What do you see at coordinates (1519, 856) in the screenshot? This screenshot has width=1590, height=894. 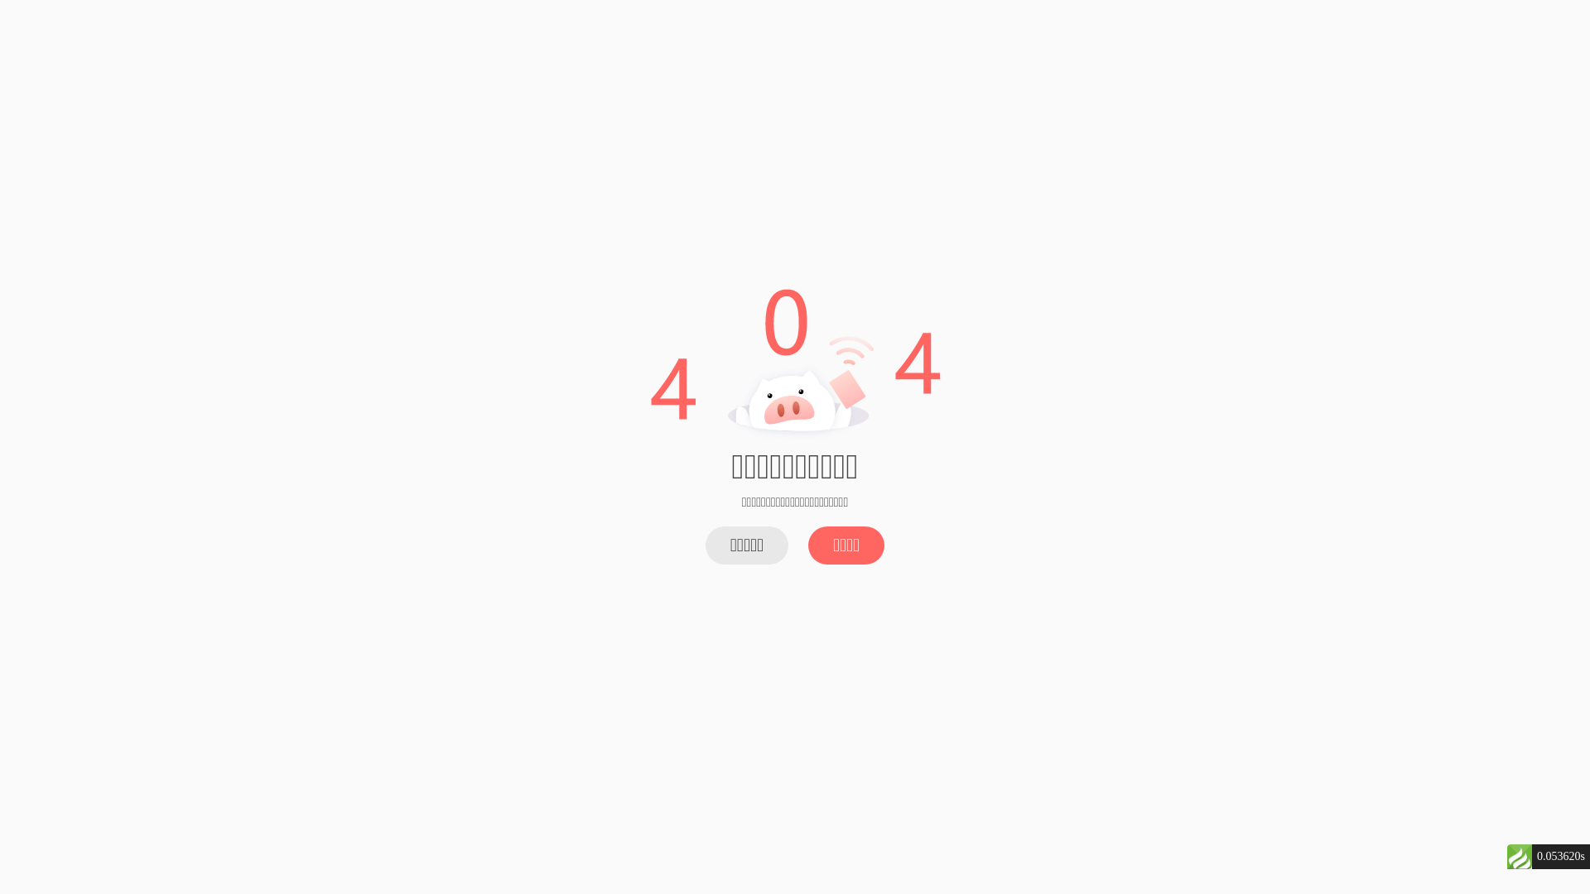 I see `'ShowPageTrace'` at bounding box center [1519, 856].